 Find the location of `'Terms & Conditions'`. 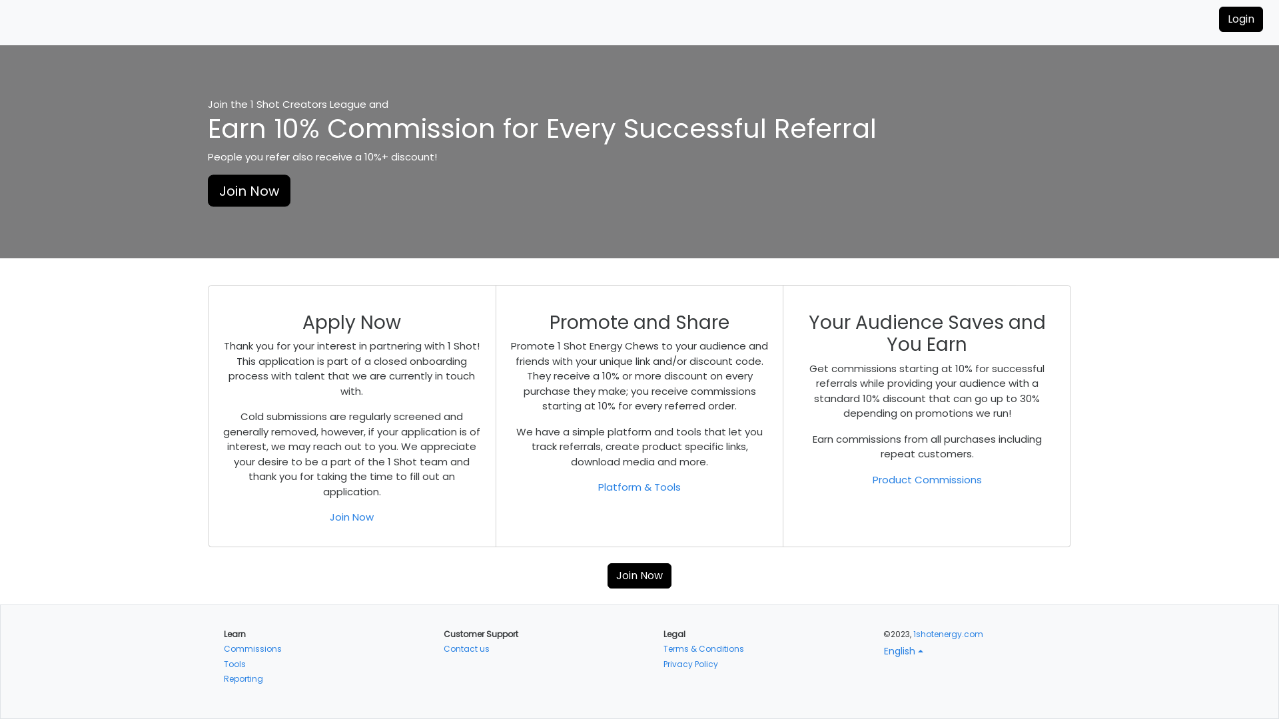

'Terms & Conditions' is located at coordinates (663, 618).